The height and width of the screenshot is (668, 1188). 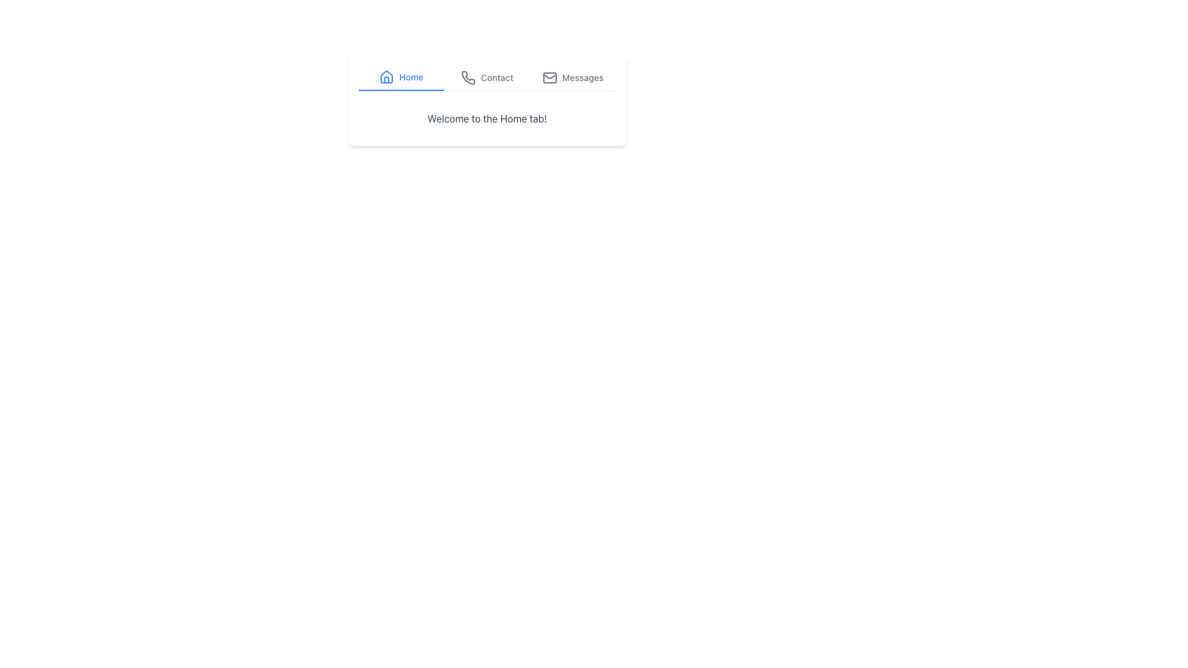 I want to click on the phone icon in the navigation bar, which is the second icon next to the 'Contact' label, so click(x=468, y=78).